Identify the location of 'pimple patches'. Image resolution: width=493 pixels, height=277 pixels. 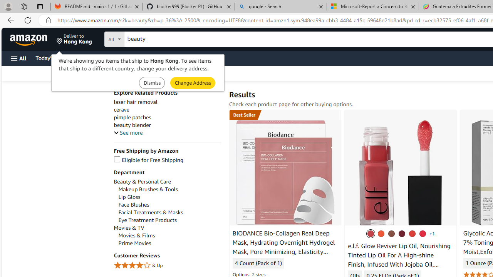
(132, 117).